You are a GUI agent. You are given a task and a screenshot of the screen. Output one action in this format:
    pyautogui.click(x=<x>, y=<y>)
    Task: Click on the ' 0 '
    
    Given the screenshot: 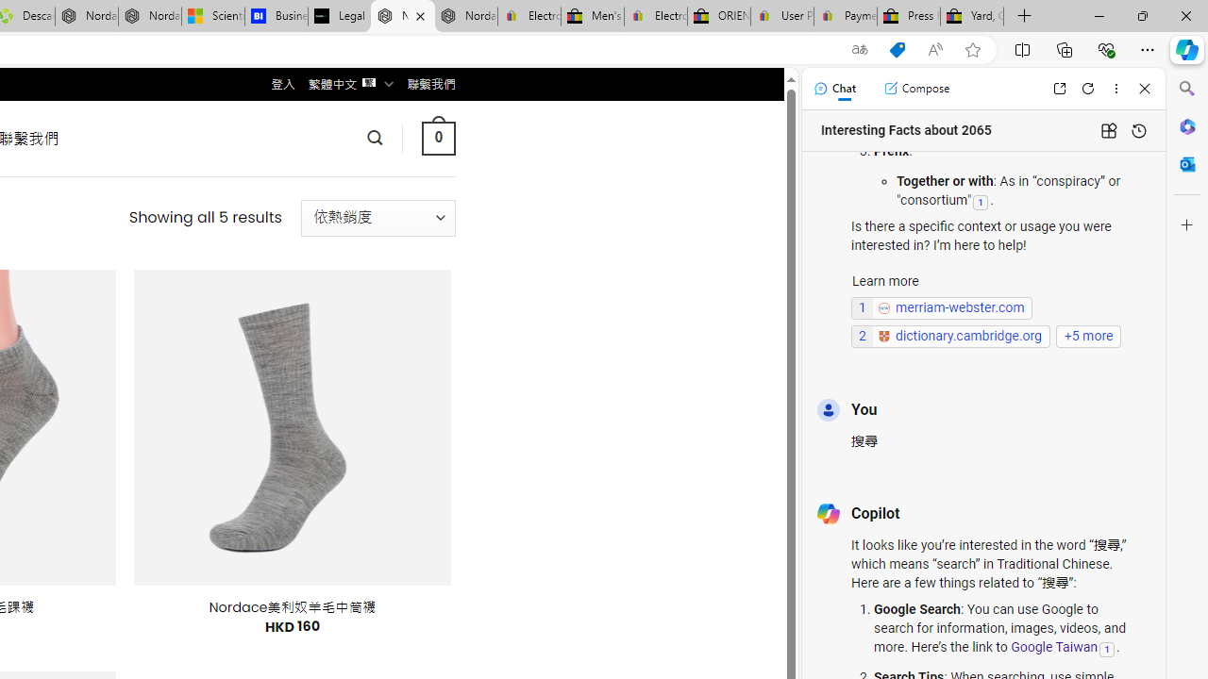 What is the action you would take?
    pyautogui.click(x=437, y=137)
    